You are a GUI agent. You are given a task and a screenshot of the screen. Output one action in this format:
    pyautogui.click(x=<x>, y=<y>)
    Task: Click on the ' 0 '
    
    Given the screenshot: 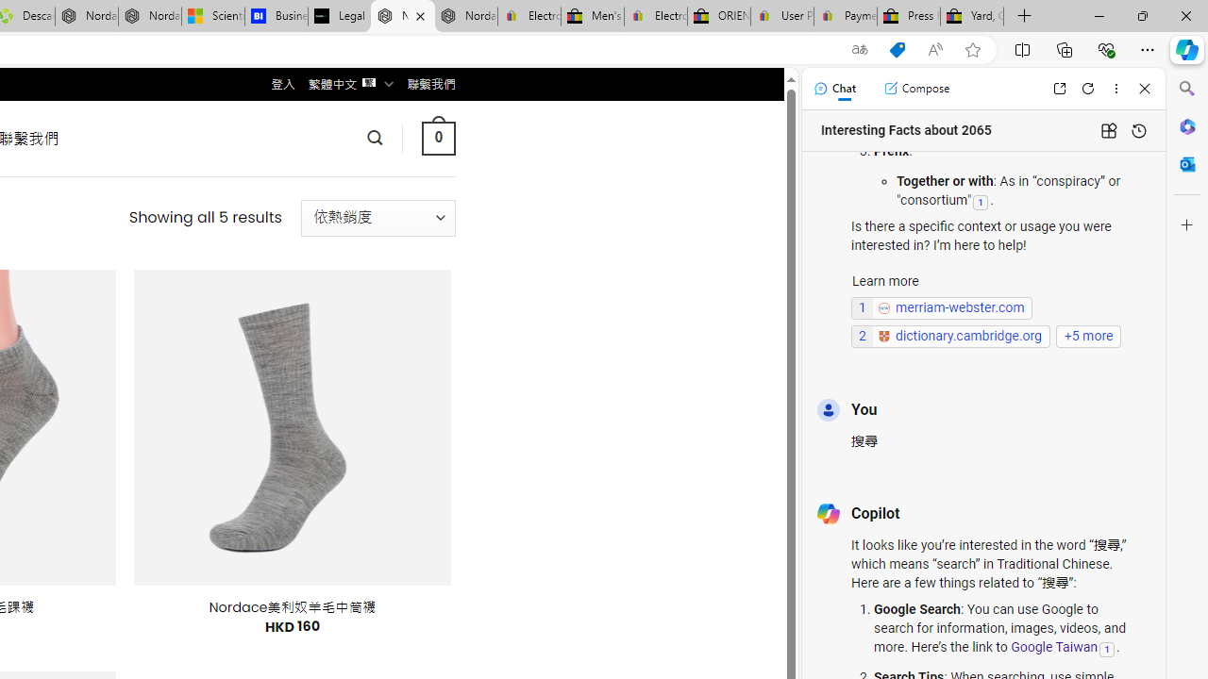 What is the action you would take?
    pyautogui.click(x=437, y=137)
    